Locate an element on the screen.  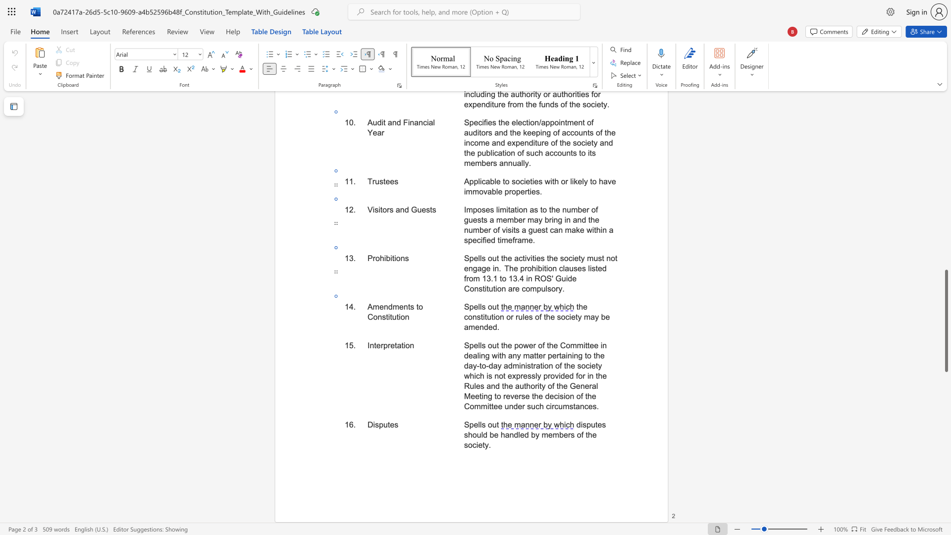
the 1th character "t" in the text is located at coordinates (409, 306).